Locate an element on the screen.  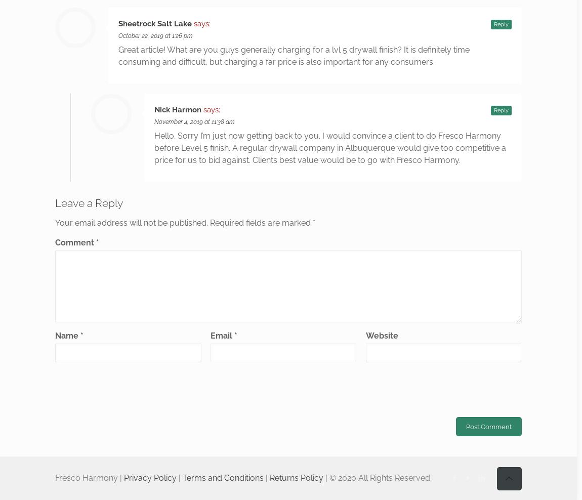
'Your email address will not be published.' is located at coordinates (131, 223).